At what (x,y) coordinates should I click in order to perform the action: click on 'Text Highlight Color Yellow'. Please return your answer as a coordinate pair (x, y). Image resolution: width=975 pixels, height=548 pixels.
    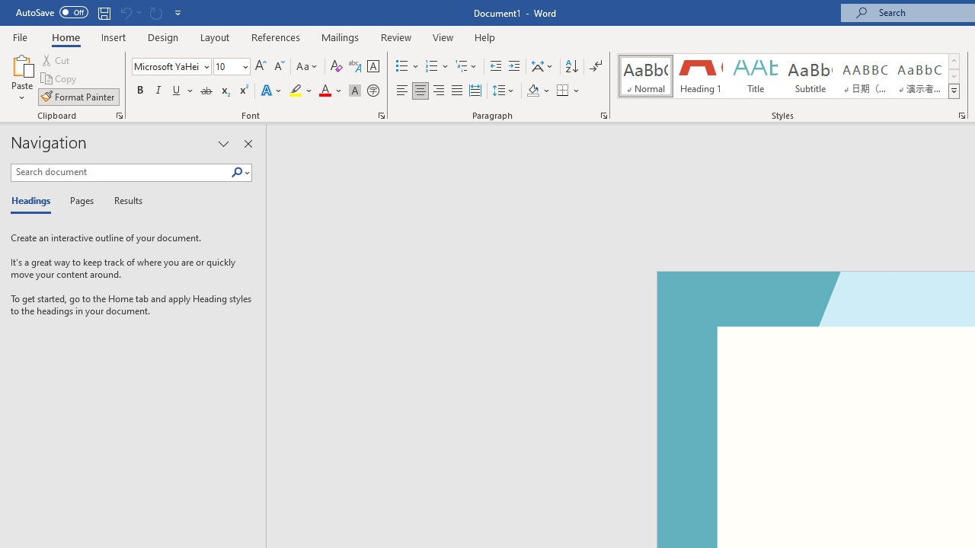
    Looking at the image, I should click on (296, 91).